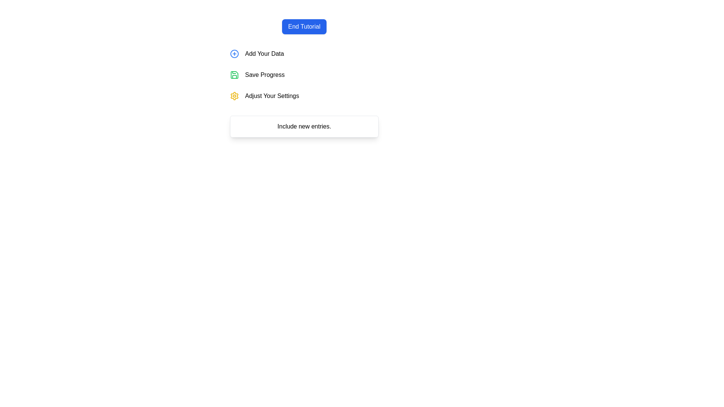 Image resolution: width=724 pixels, height=407 pixels. What do you see at coordinates (265, 75) in the screenshot?
I see `the 'Save Progress' text label, which is positioned below the 'Add Your Data' button and above the 'Adjust Your Settings' item, and is visually grouped with a green save icon to its left` at bounding box center [265, 75].